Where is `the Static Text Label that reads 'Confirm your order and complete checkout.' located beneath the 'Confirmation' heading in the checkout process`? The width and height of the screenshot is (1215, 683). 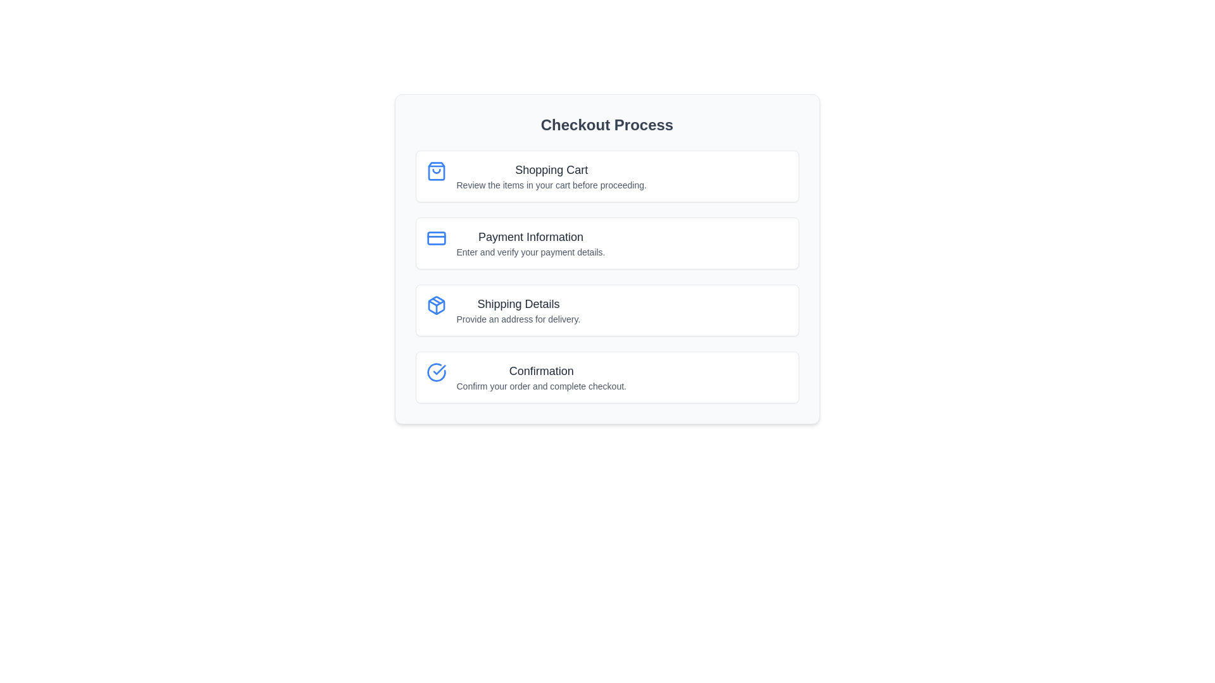
the Static Text Label that reads 'Confirm your order and complete checkout.' located beneath the 'Confirmation' heading in the checkout process is located at coordinates (541, 385).